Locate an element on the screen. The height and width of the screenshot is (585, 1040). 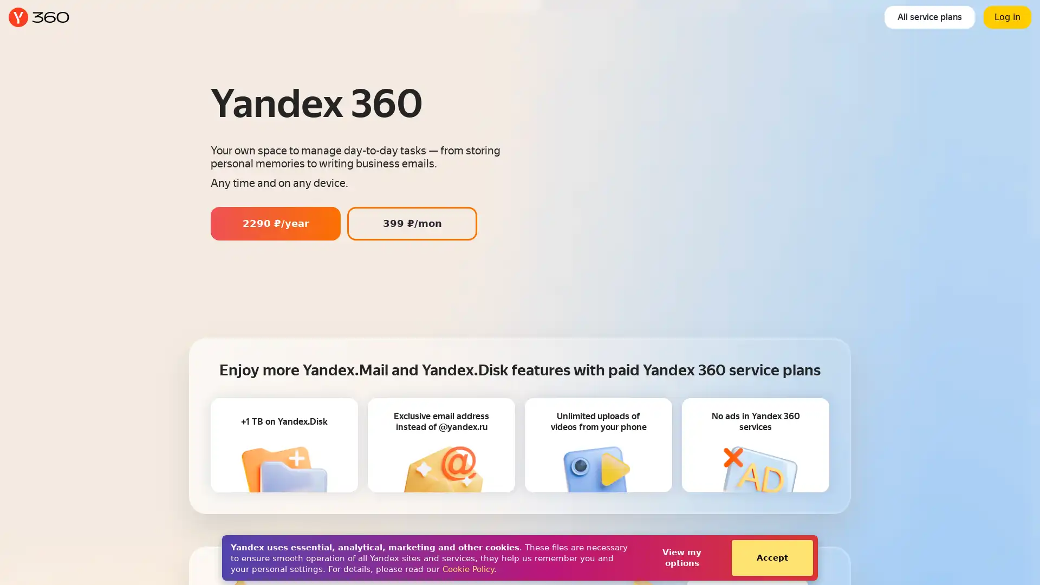
2290 /year is located at coordinates (275, 223).